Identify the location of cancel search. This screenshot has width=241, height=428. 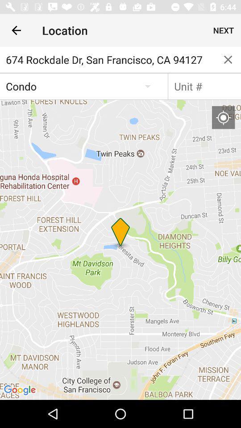
(228, 59).